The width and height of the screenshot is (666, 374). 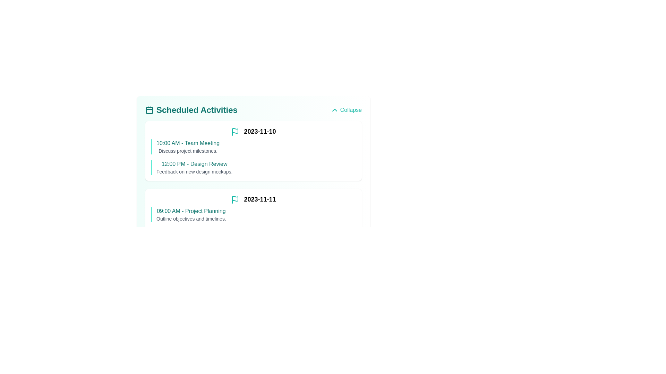 I want to click on the text label saying 'Discuss project milestones.' which is styled in a small gray font and located under the '10:00 AM - Team Meeting.' text in the 'Scheduled Activities' card, so click(x=188, y=150).